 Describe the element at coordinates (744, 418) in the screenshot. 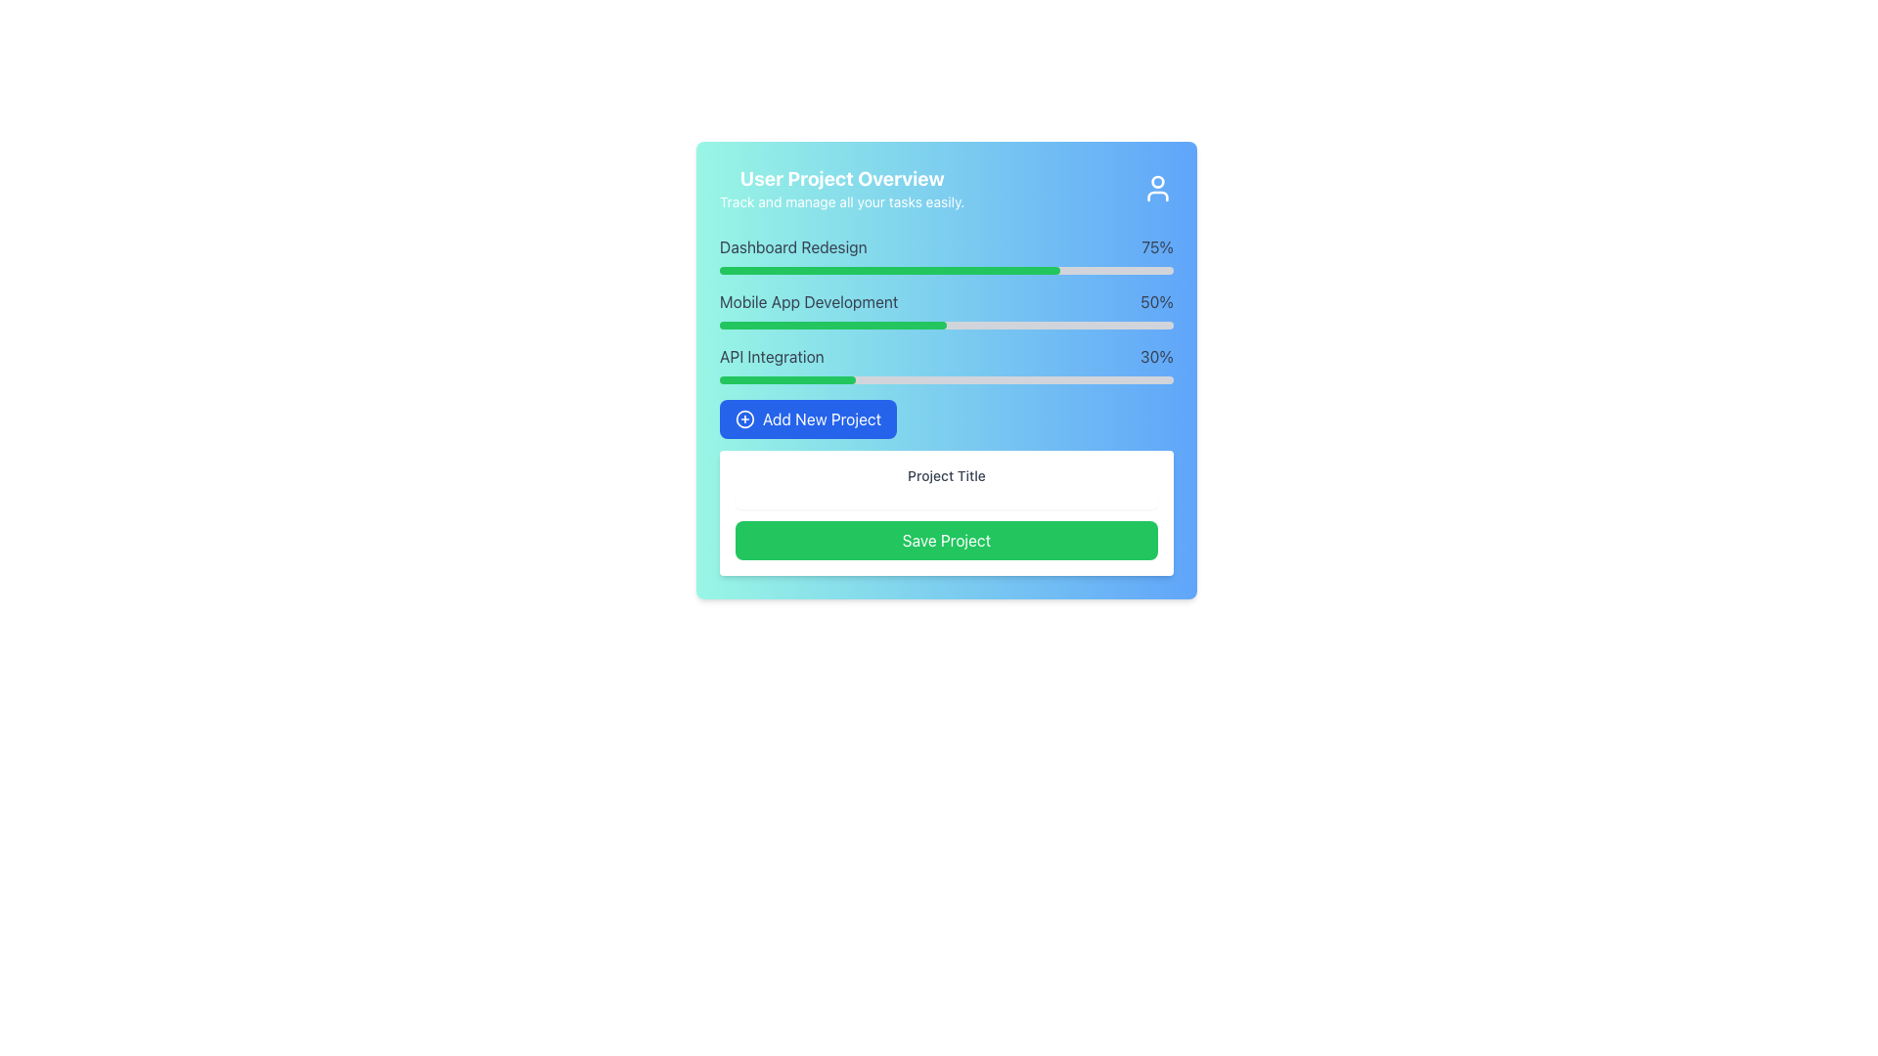

I see `the circular icon with a cross, which is positioned to the left of the 'Add New Project' text in the corresponding button` at that location.